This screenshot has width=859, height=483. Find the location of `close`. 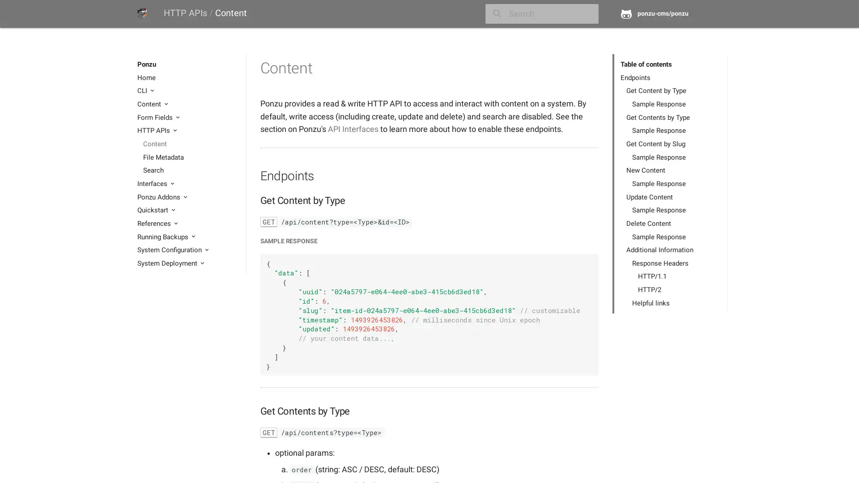

close is located at coordinates (587, 13).